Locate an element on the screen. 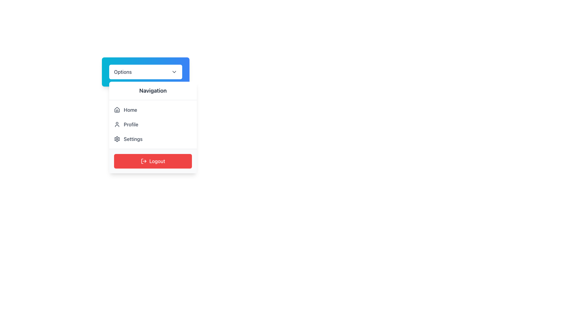 The image size is (584, 328). the 'Profile' button in the navigation menu to observe the hover effect is located at coordinates (153, 124).